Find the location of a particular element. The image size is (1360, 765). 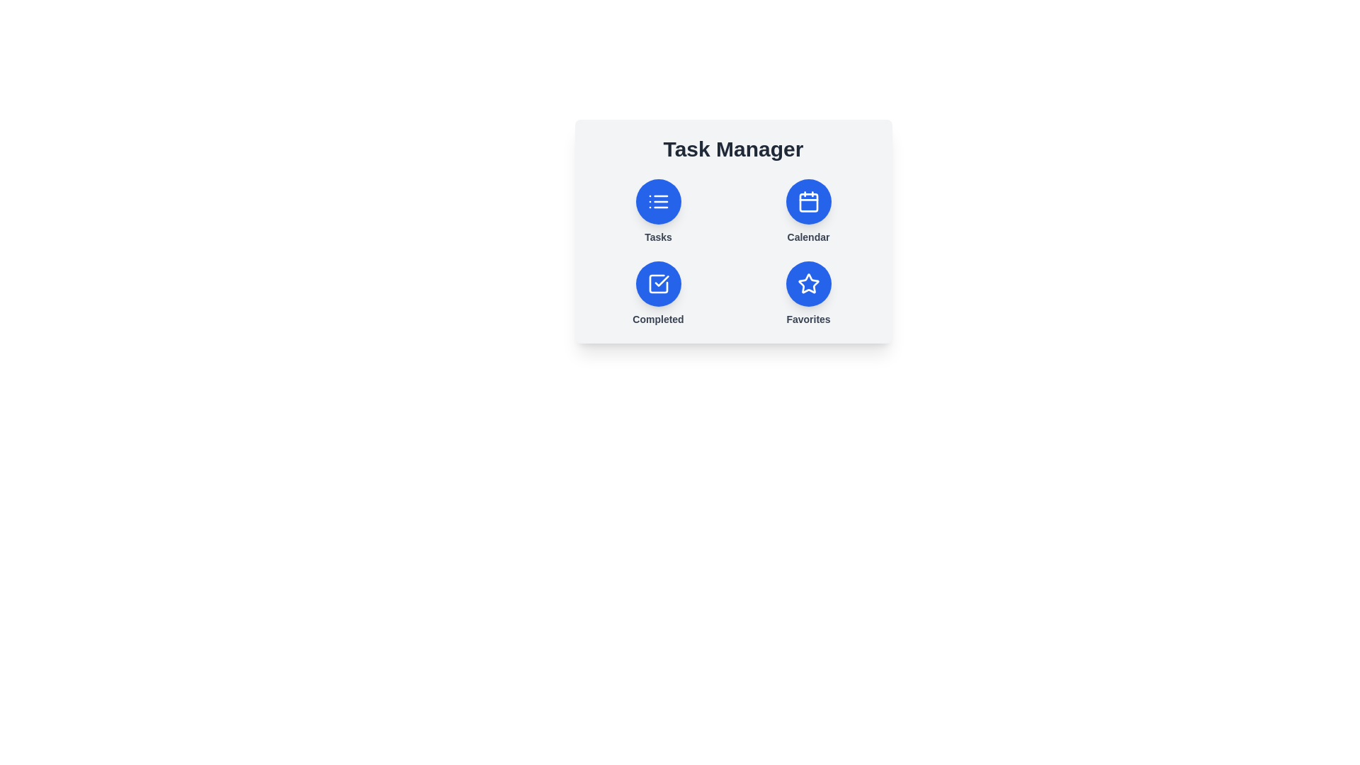

the 'Calendar' button, which is a circular button with a blue background and a white calendar icon, located in the task manager interface is located at coordinates (808, 212).